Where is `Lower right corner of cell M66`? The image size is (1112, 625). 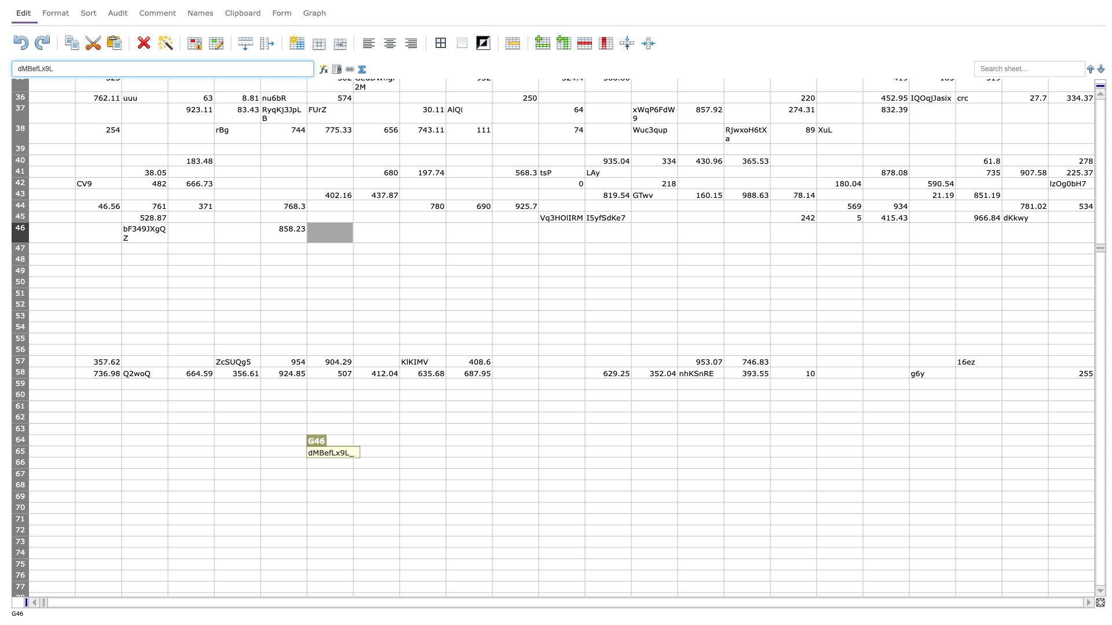 Lower right corner of cell M66 is located at coordinates (630, 468).